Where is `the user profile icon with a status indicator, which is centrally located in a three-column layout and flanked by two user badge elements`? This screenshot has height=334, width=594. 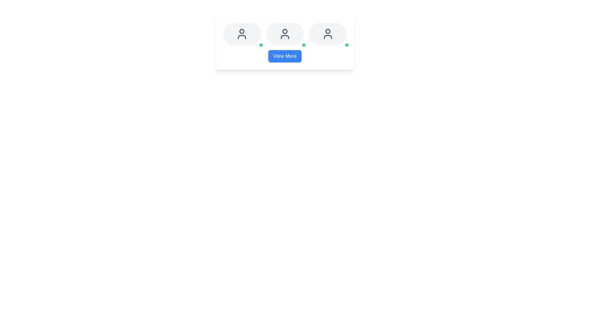
the user profile icon with a status indicator, which is centrally located in a three-column layout and flanked by two user badge elements is located at coordinates (285, 34).